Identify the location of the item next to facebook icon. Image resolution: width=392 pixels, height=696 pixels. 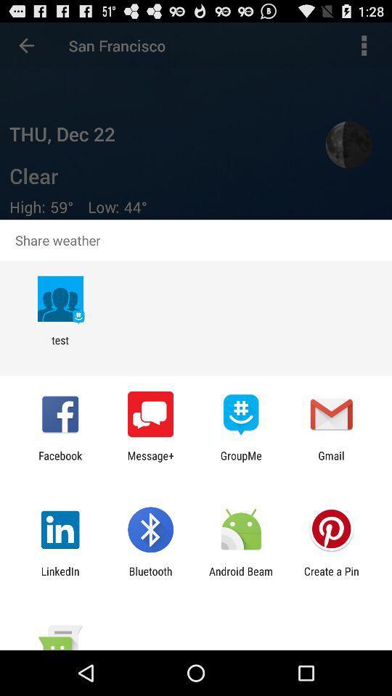
(150, 461).